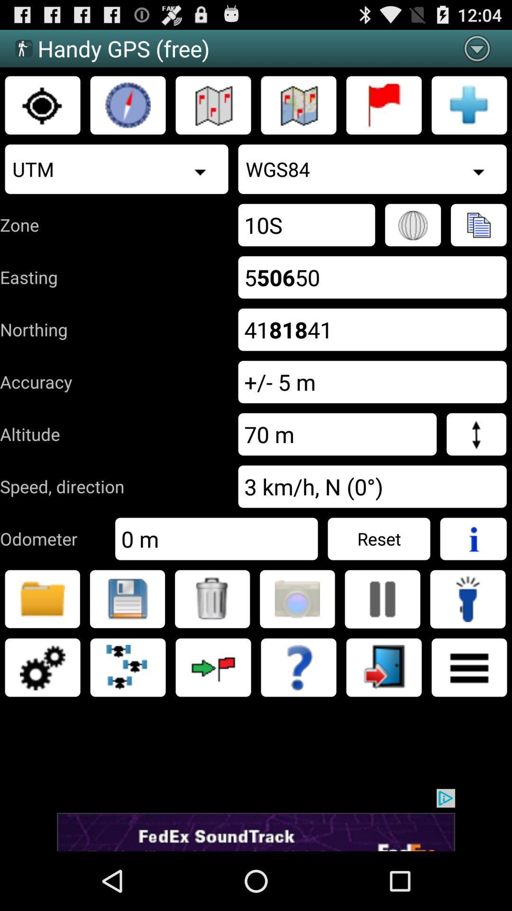 The image size is (512, 911). What do you see at coordinates (212, 598) in the screenshot?
I see `move to trash` at bounding box center [212, 598].